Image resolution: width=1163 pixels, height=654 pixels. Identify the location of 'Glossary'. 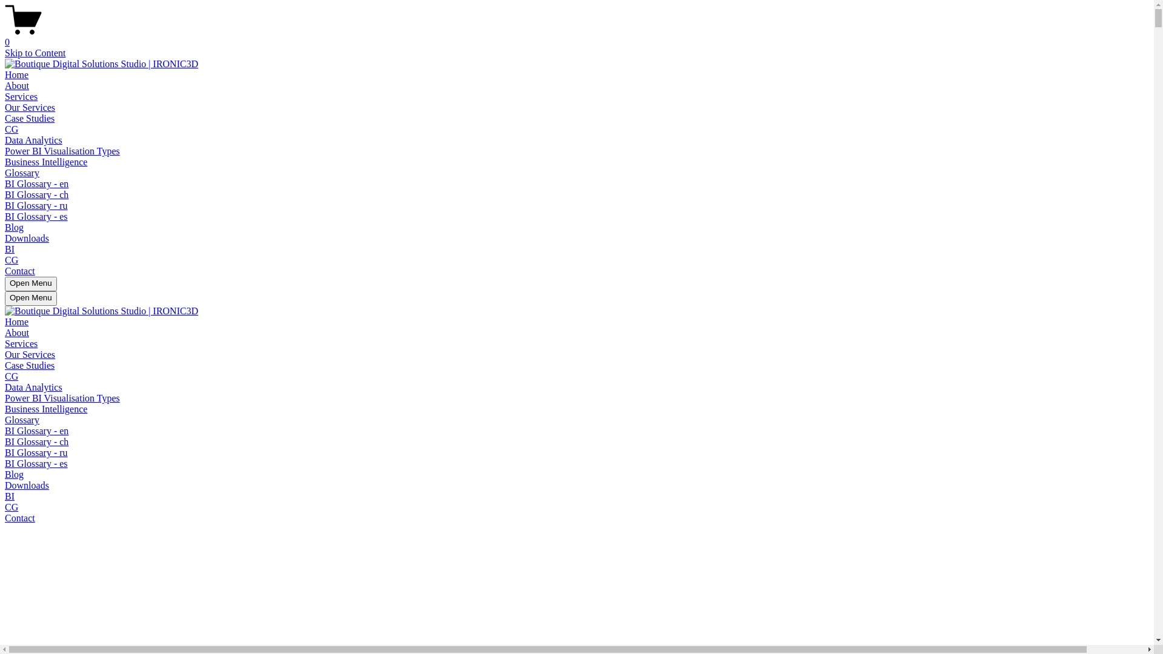
(22, 419).